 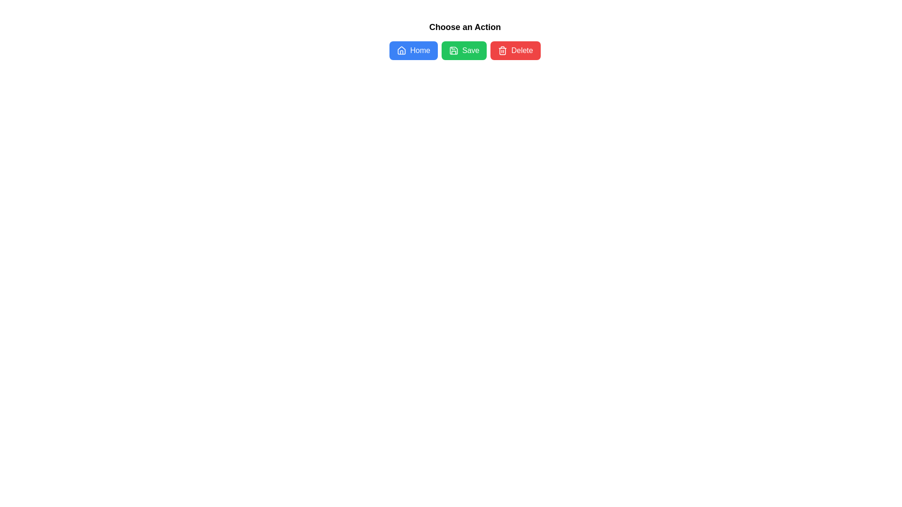 What do you see at coordinates (515, 51) in the screenshot?
I see `the 'Delete' button, which is the third button in a horizontal group of three buttons near the top of the interface, below the text 'Choose an Action'` at bounding box center [515, 51].